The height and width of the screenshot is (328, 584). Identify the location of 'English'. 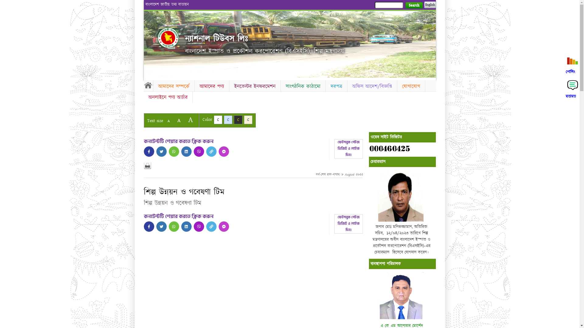
(429, 5).